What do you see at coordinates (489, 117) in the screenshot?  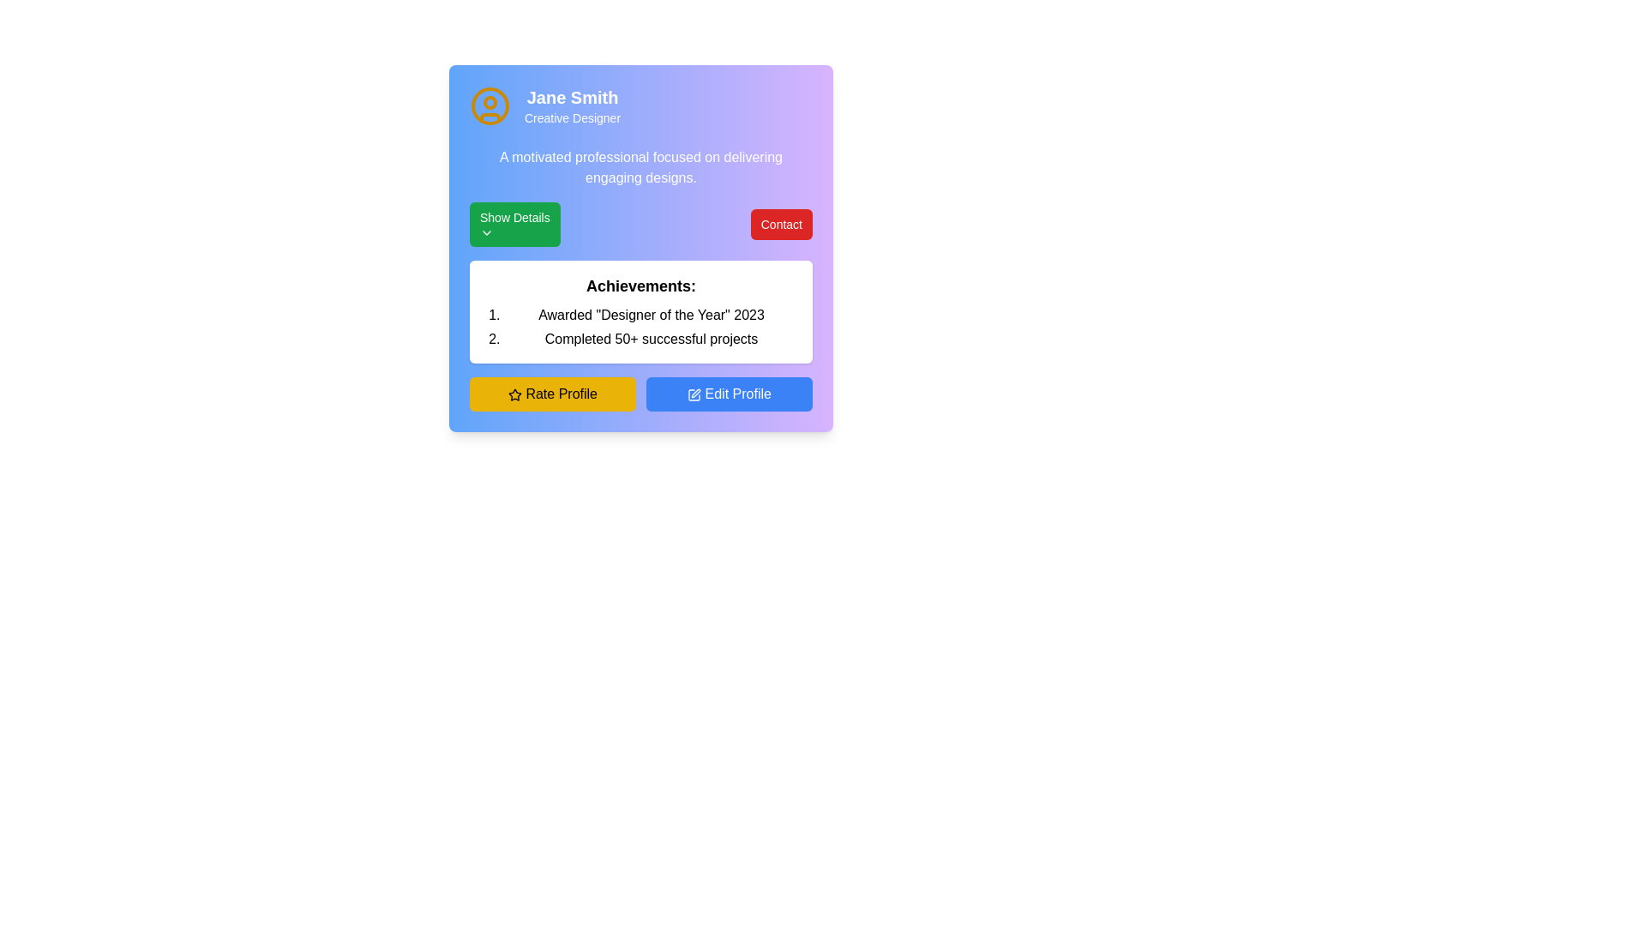 I see `the semicircular line forming the lower part of the user profile icon, styled with a stroke of 'currentColor' and located at the top-left corner of the card` at bounding box center [489, 117].